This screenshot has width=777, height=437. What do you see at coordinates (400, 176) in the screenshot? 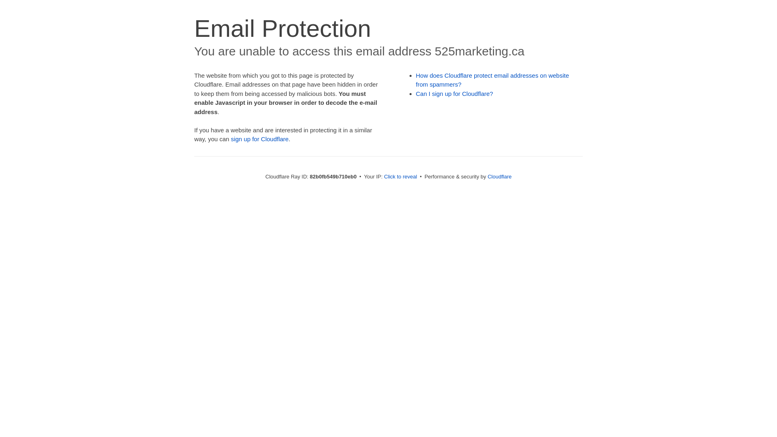
I see `'Click to reveal'` at bounding box center [400, 176].